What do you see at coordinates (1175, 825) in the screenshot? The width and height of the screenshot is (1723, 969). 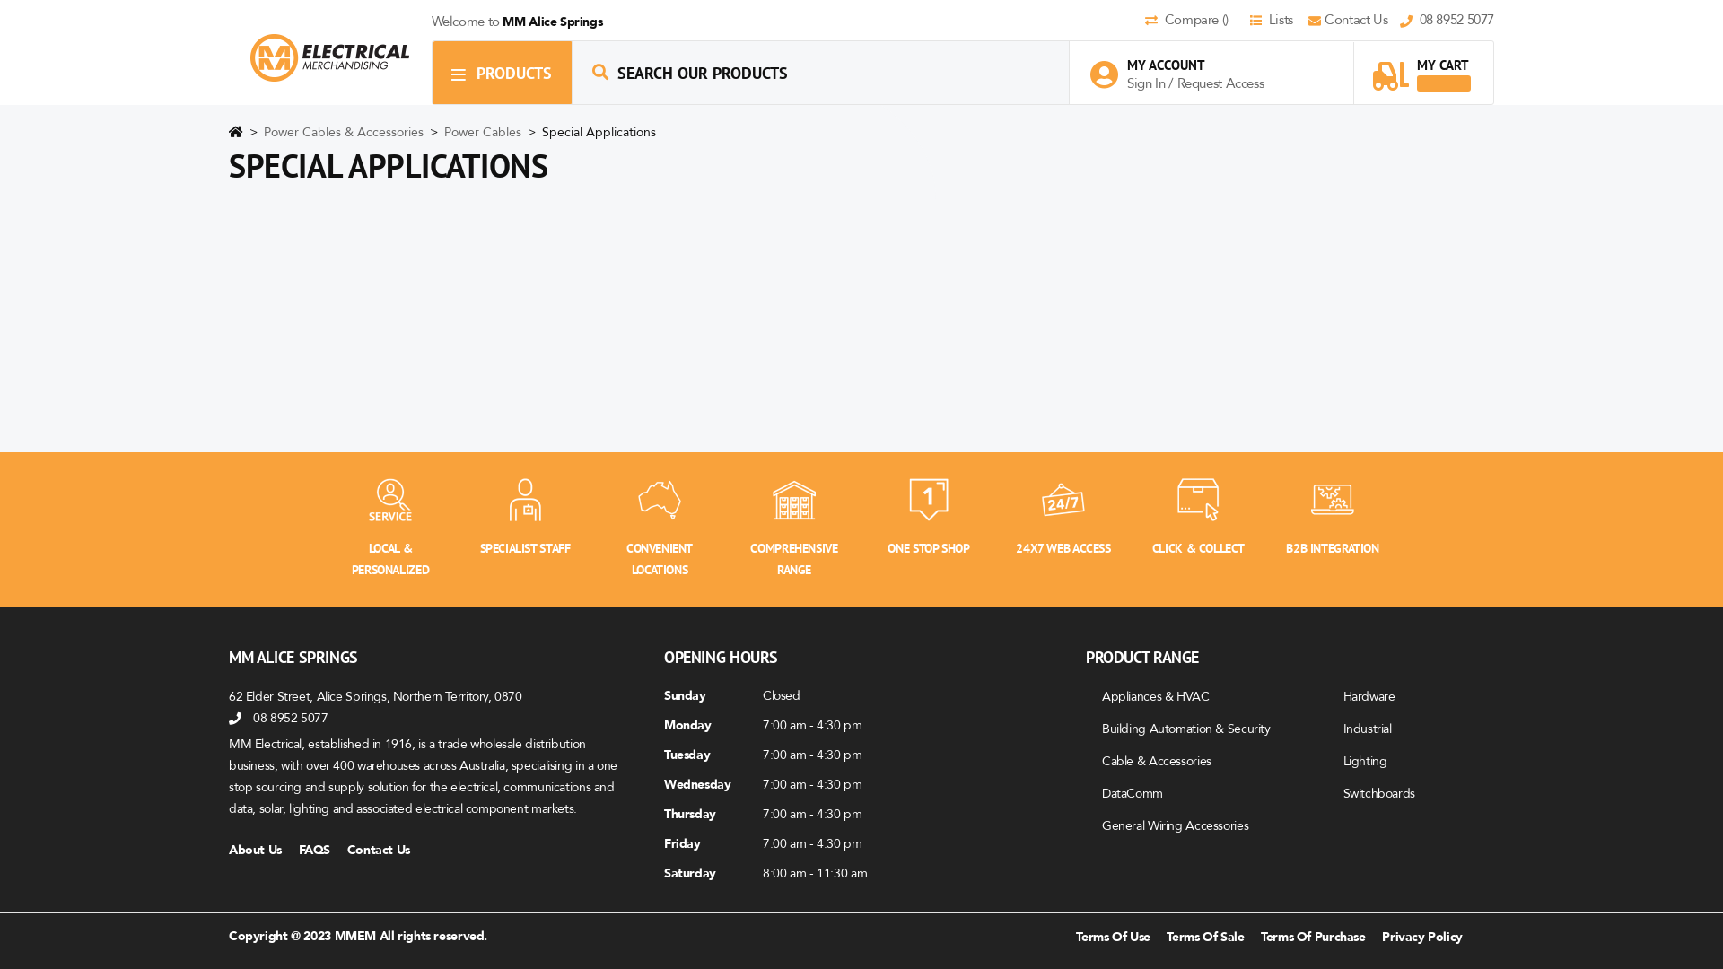 I see `'General Wiring Accessories'` at bounding box center [1175, 825].